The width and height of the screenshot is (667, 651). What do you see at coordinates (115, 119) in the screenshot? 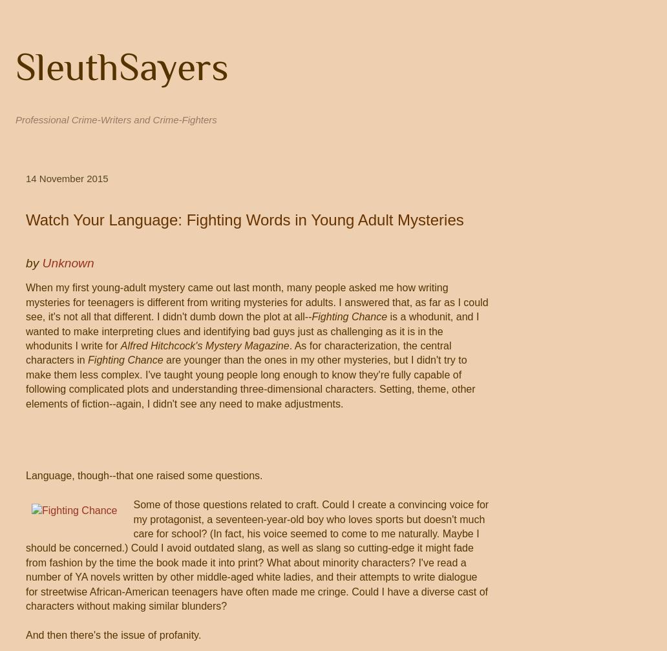
I see `'Professional Crime-Writers and Crime-Fighters'` at bounding box center [115, 119].